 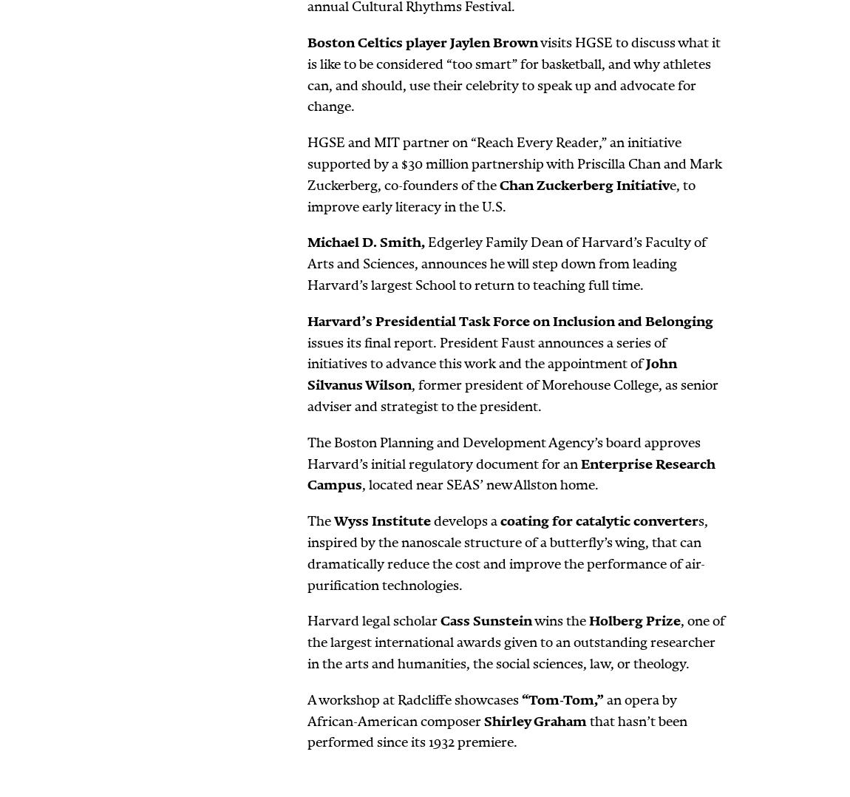 I want to click on 's, inspired by the nanoscale structure of a butterfly’s wing, that can dramatically reduce the cost and improve the performance of air-purification technologies.', so click(x=507, y=553).